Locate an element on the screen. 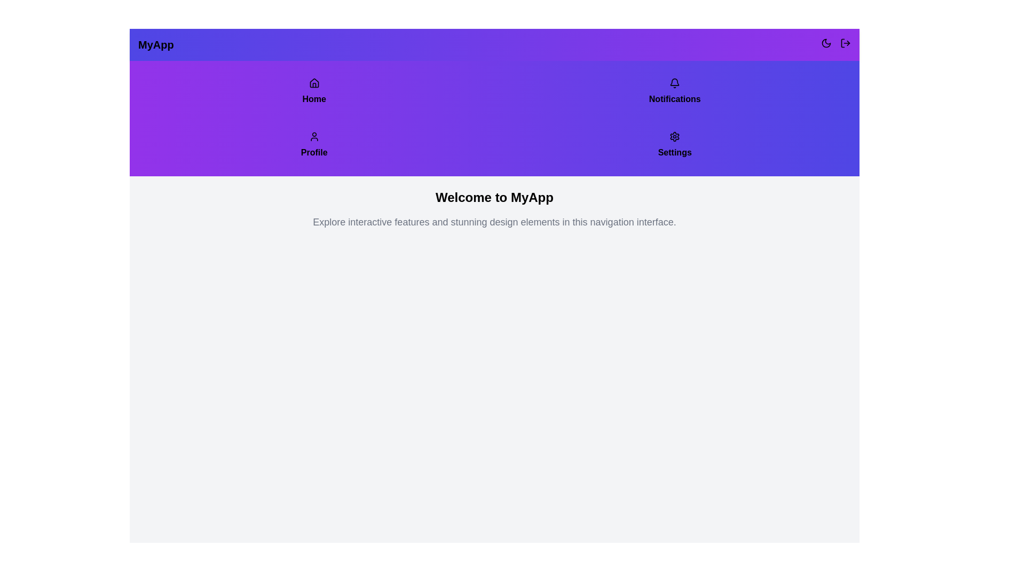  the logout button to log out of the application is located at coordinates (845, 42).